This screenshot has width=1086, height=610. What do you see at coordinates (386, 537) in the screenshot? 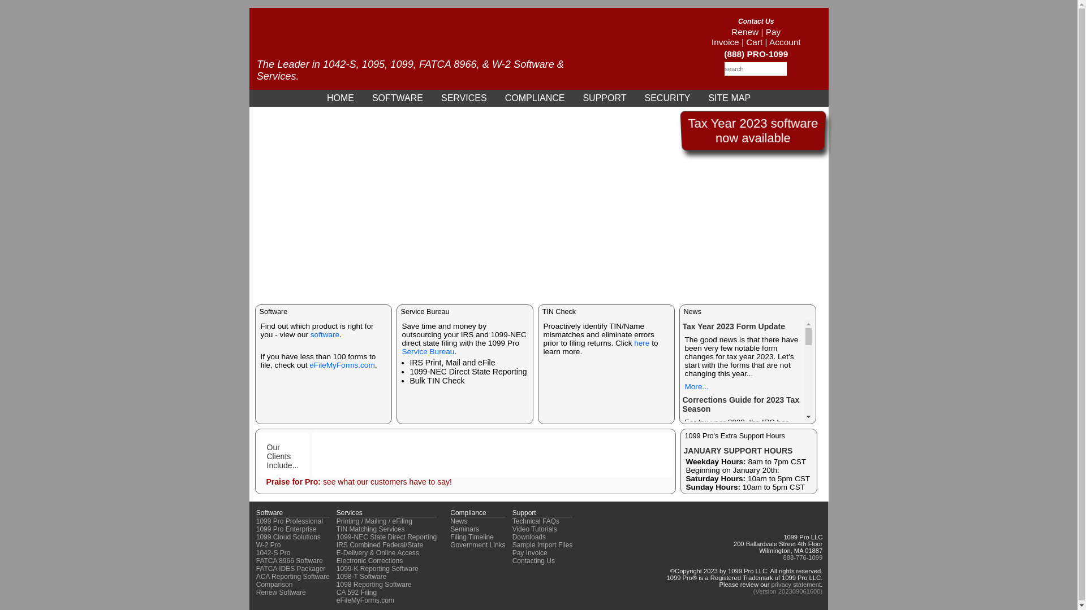
I see `'1099-NEC State Direct Reporting'` at bounding box center [386, 537].